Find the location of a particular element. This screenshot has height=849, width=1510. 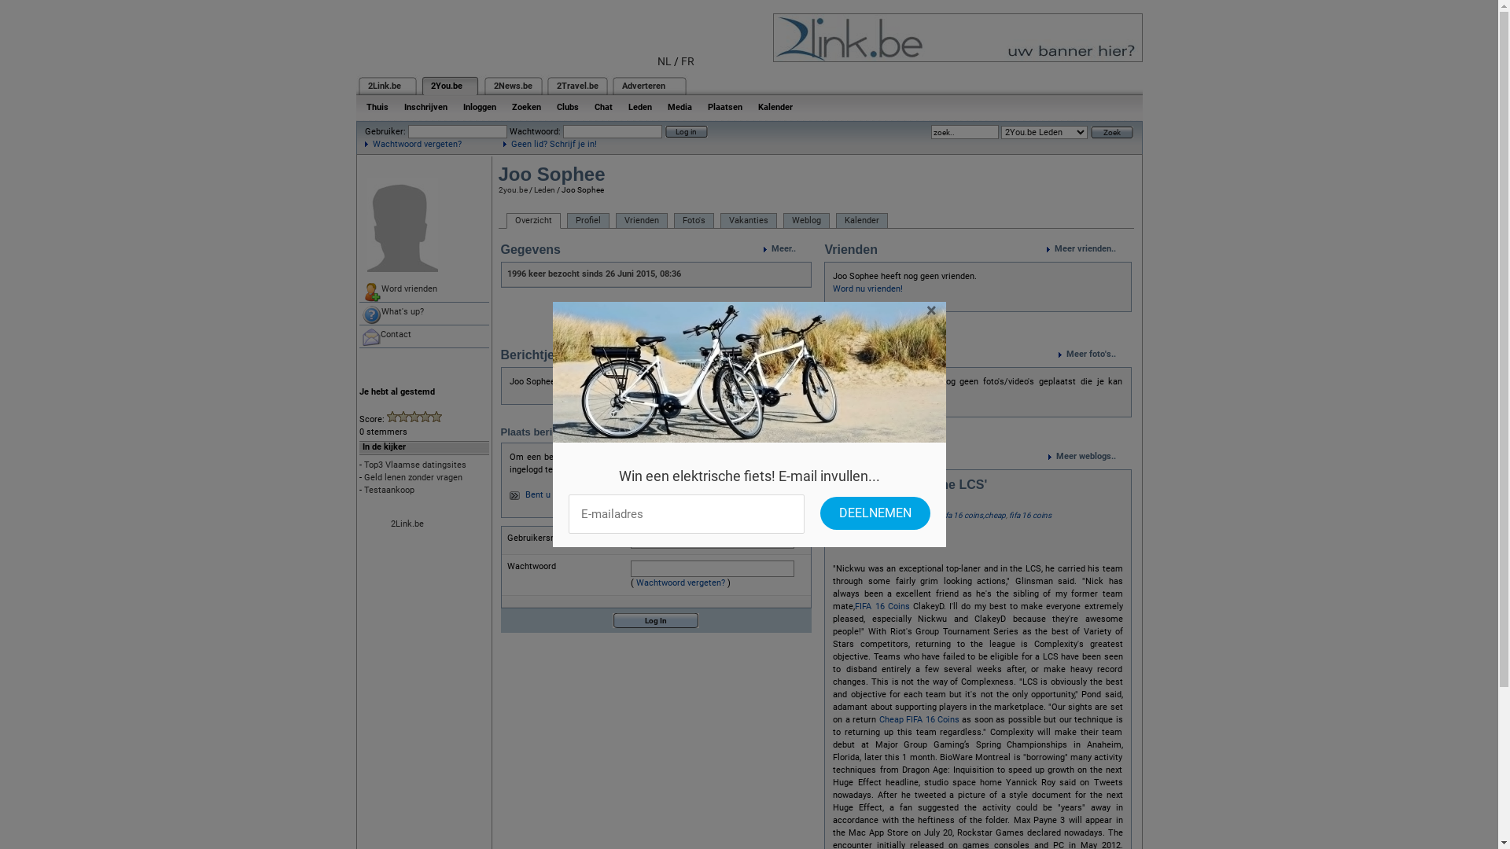

'Wachtwoord vergeten?' is located at coordinates (413, 144).